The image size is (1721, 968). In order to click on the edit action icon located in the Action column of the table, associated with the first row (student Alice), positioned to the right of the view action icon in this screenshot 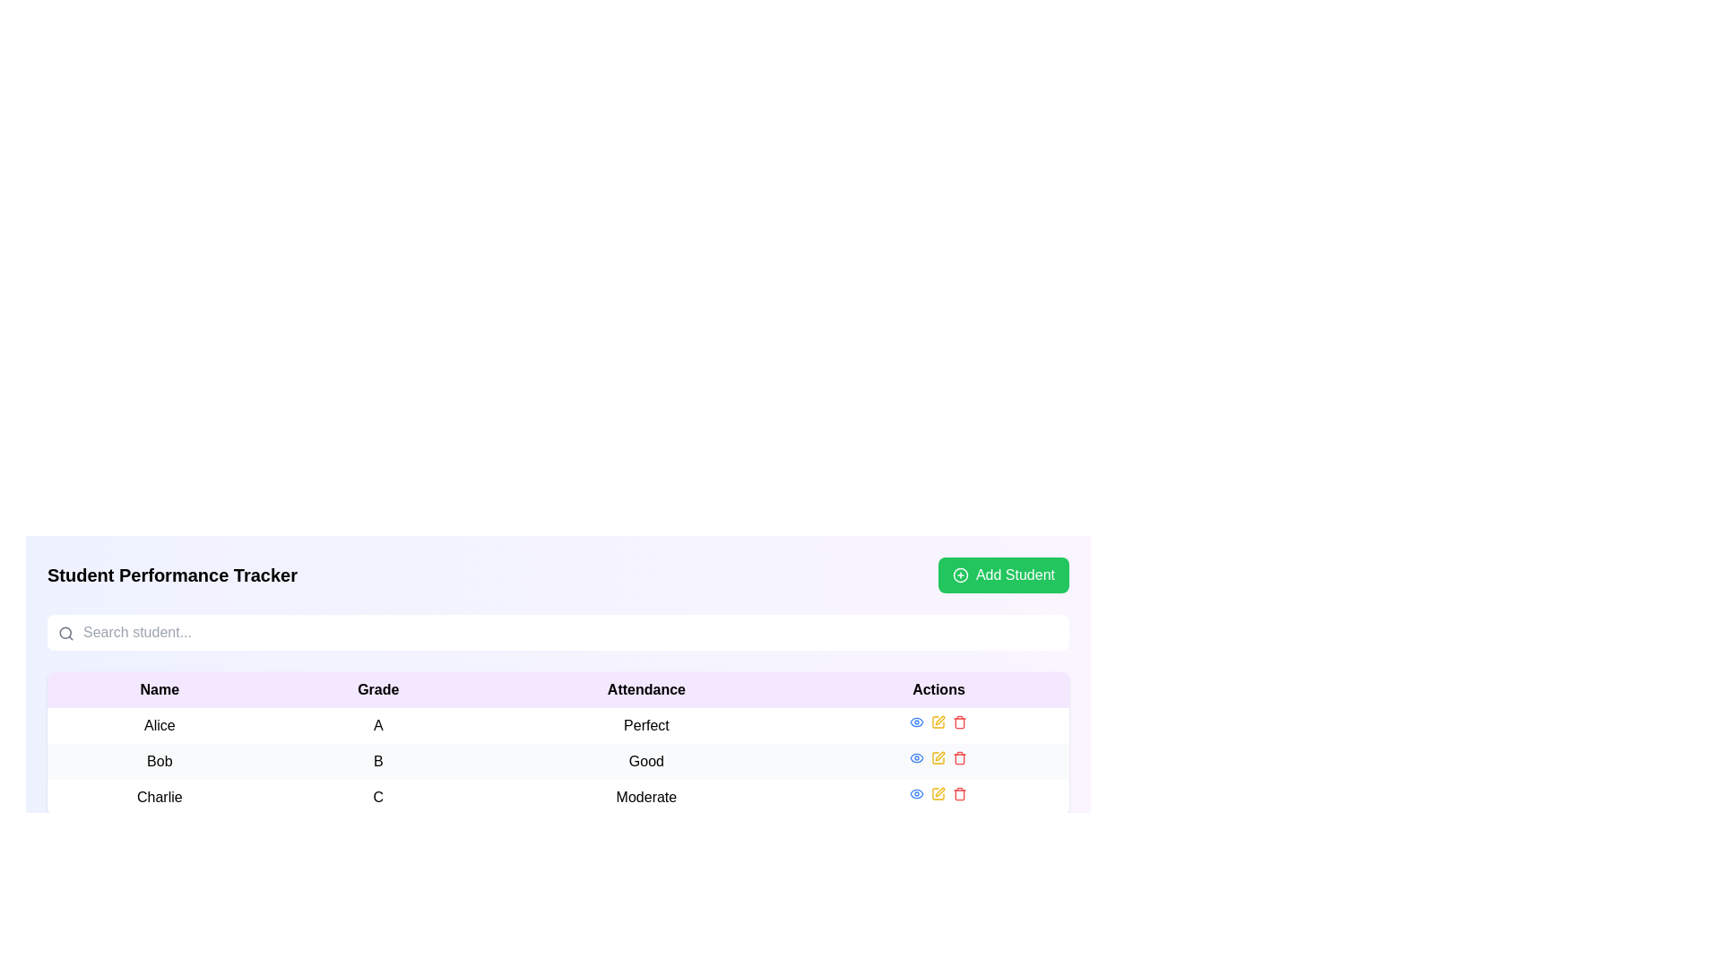, I will do `click(938, 722)`.